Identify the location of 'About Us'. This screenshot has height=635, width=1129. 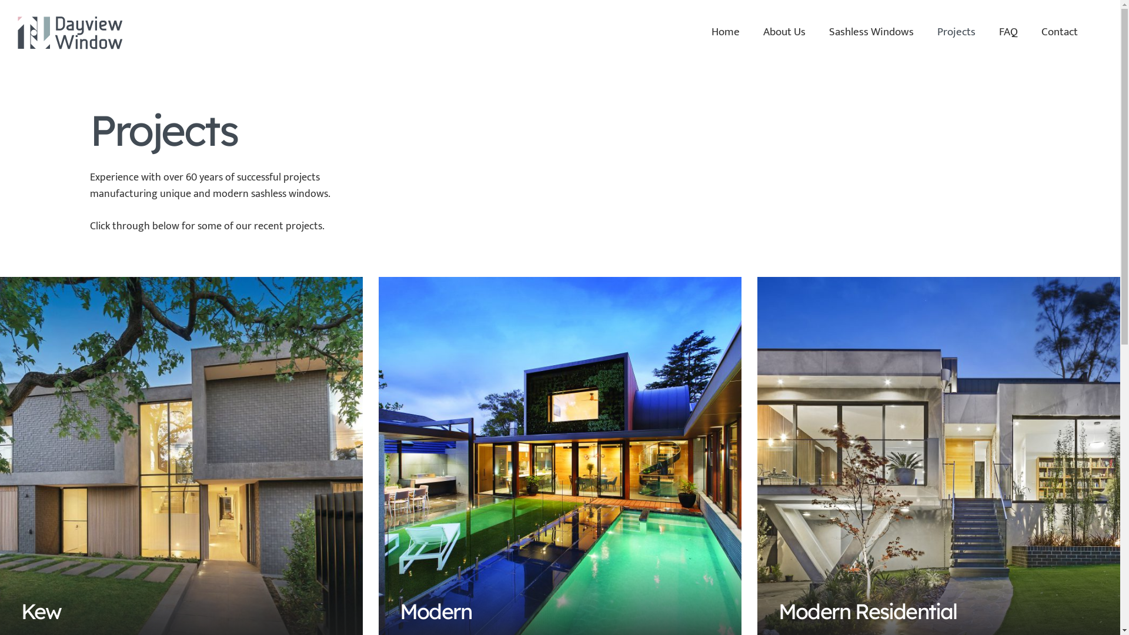
(784, 31).